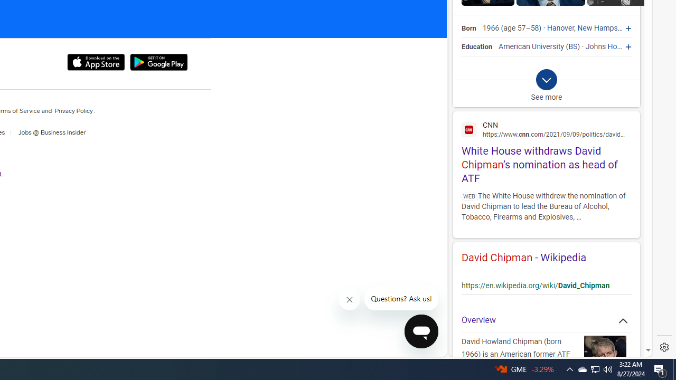  What do you see at coordinates (604, 28) in the screenshot?
I see `'New Hampshire'` at bounding box center [604, 28].